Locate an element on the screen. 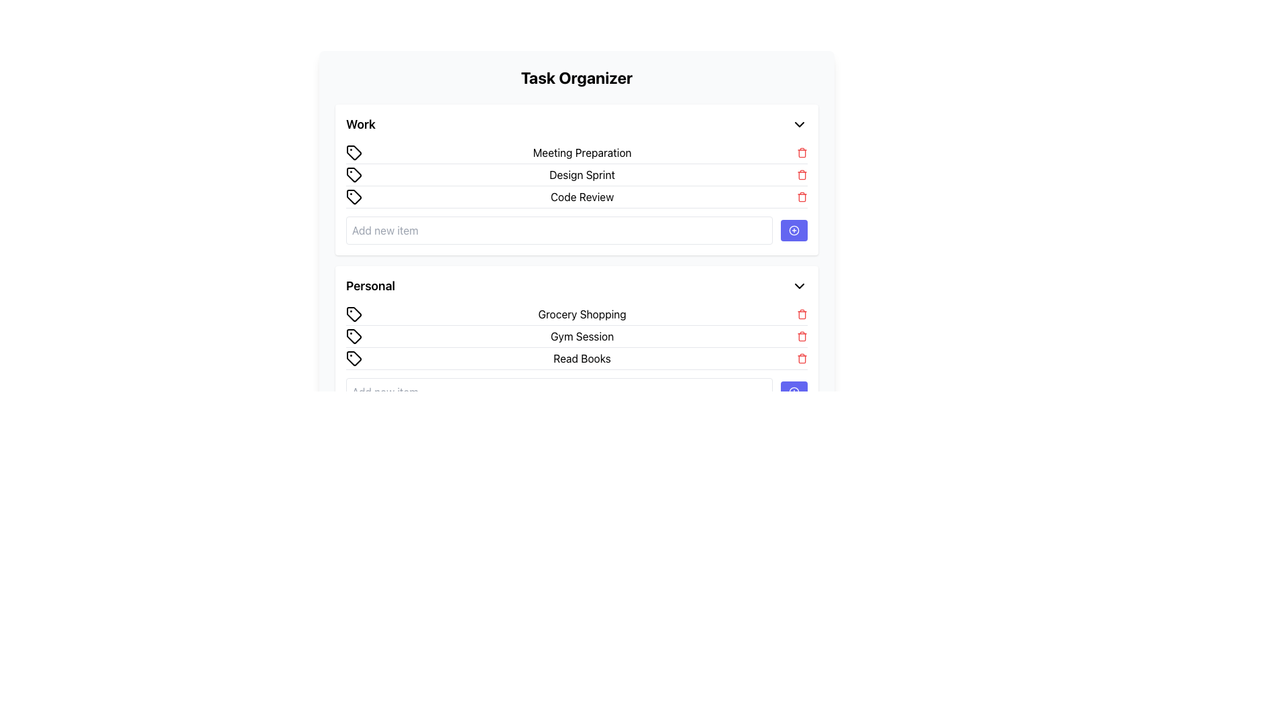 This screenshot has width=1288, height=724. the rectangular purple button with white text, located to the right of the 'Add new item' input box in the 'Work' task section is located at coordinates (794, 229).